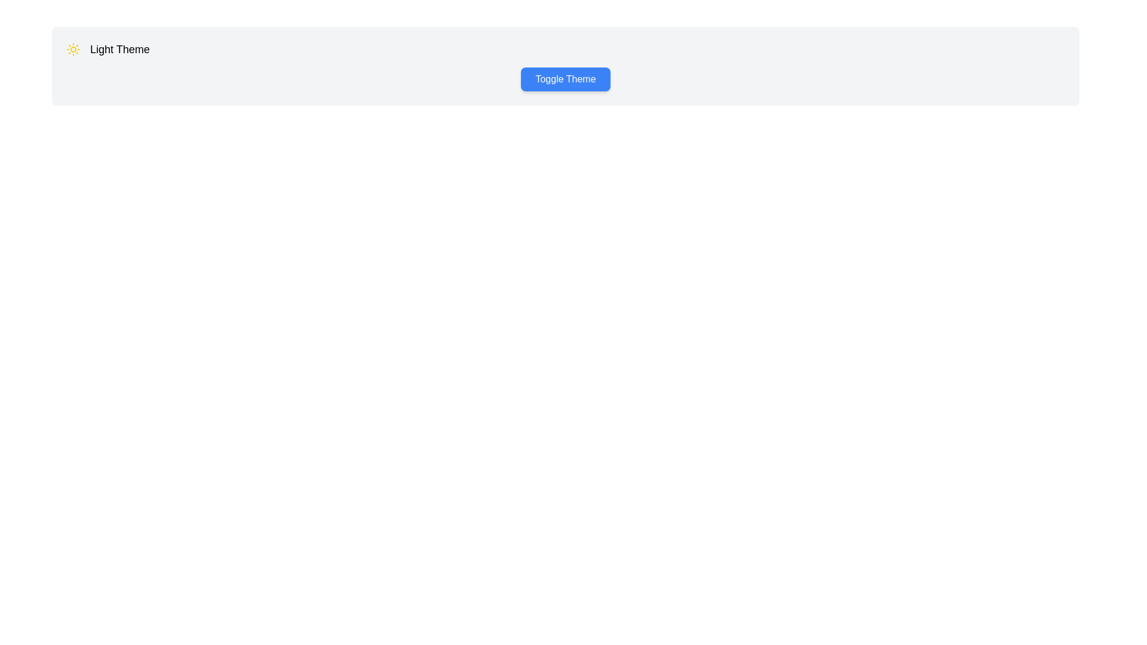 The image size is (1147, 645). I want to click on the 'Toggle Theme' button to simulate interaction with the 'Light Theme' text, so click(564, 79).